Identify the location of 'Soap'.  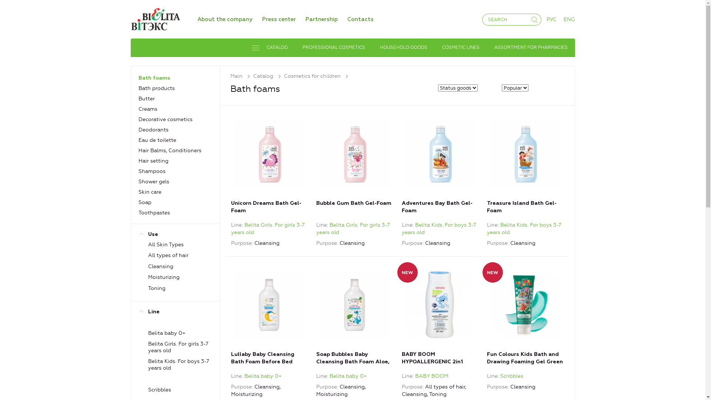
(138, 202).